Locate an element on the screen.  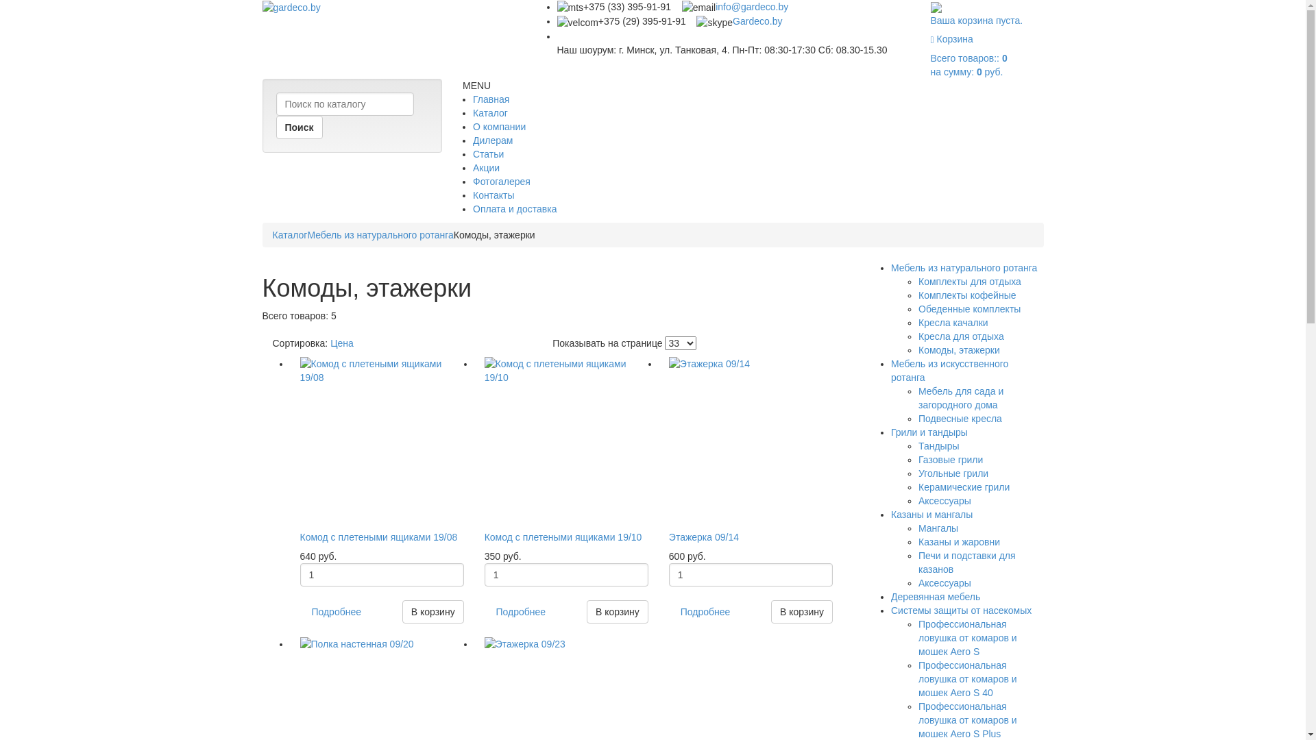
'info@gardeco.by' is located at coordinates (714, 7).